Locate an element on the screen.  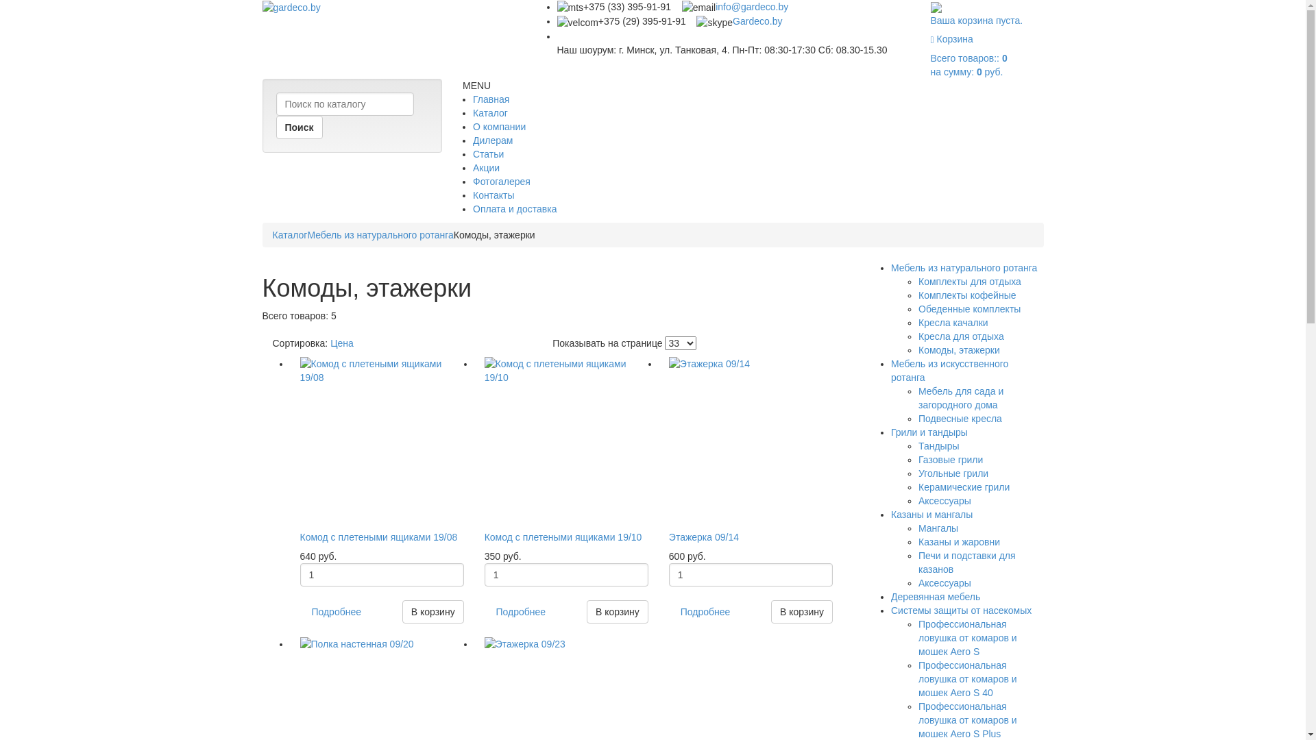
'info@gardeco.by' is located at coordinates (714, 7).